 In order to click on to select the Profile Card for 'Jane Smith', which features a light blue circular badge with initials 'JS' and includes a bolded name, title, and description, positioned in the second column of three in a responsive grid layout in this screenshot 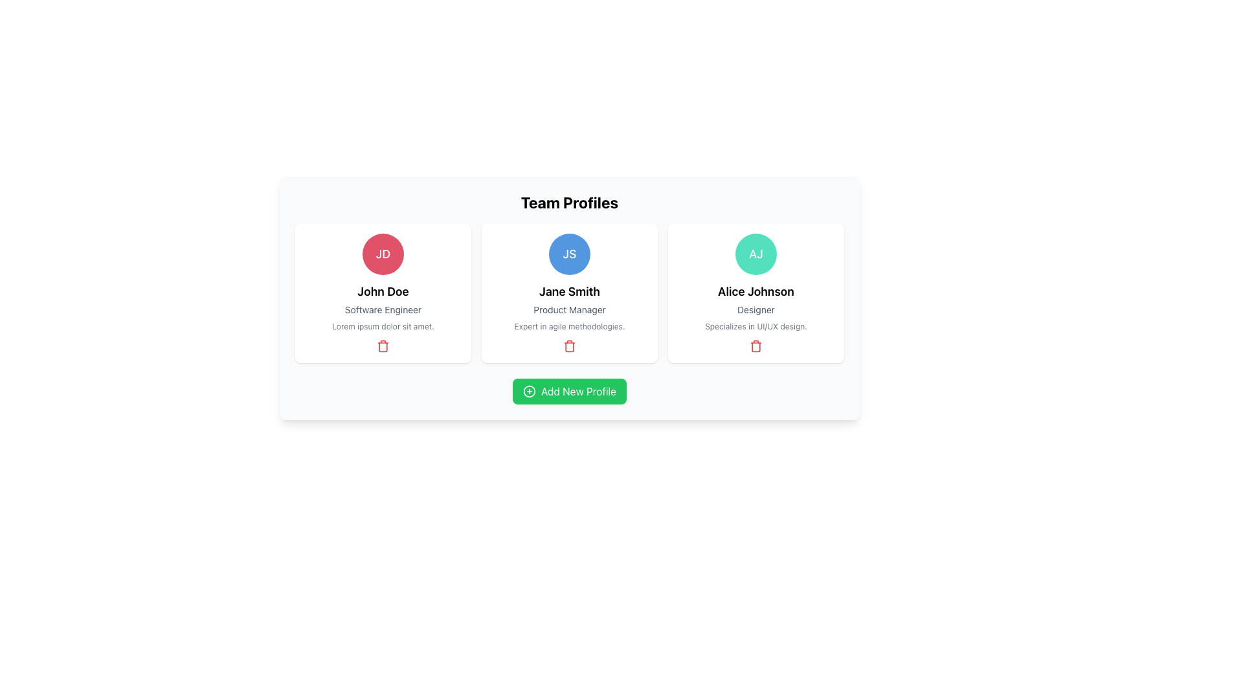, I will do `click(569, 293)`.